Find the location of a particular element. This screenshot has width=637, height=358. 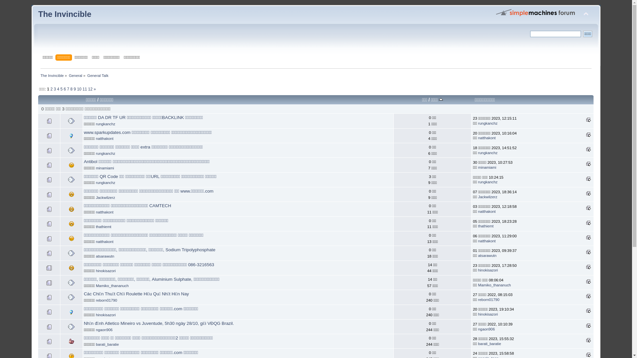

'natthakont' is located at coordinates (104, 212).